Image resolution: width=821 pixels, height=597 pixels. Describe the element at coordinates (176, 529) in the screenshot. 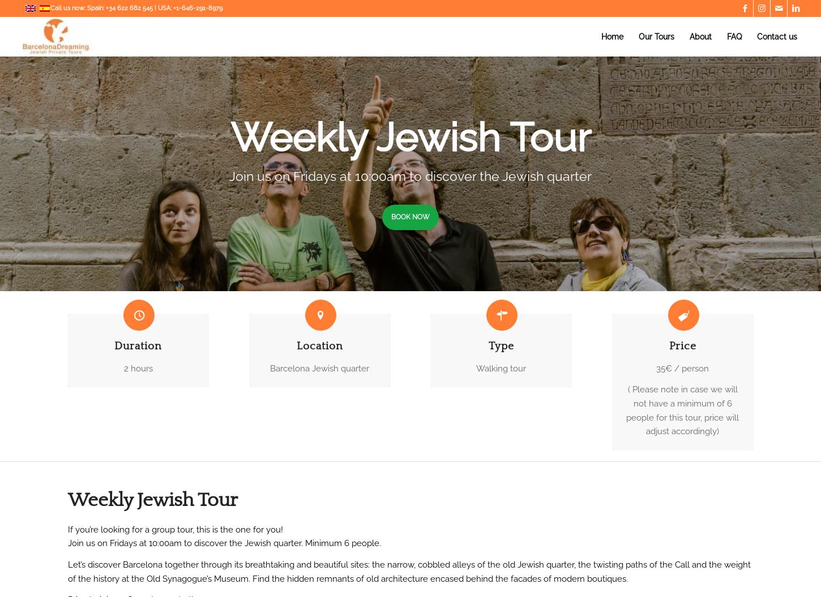

I see `'If you’re looking for a group tour, this is the one for you!'` at that location.